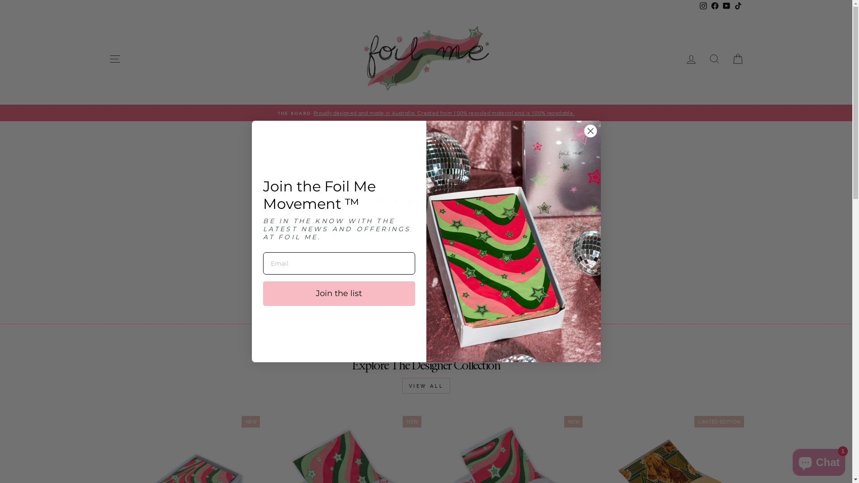 Image resolution: width=859 pixels, height=483 pixels. What do you see at coordinates (702, 6) in the screenshot?
I see `'Instagram'` at bounding box center [702, 6].